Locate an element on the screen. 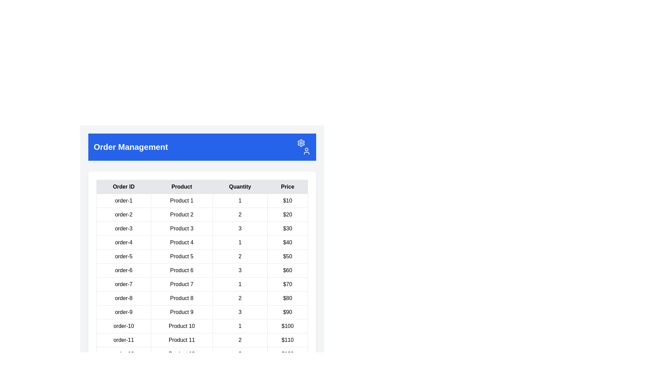  the second row in the 'Order Management' table is located at coordinates (202, 215).